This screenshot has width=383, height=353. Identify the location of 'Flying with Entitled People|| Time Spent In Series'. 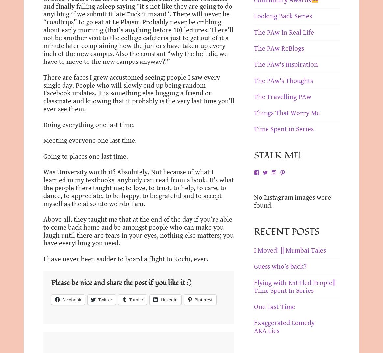
(295, 286).